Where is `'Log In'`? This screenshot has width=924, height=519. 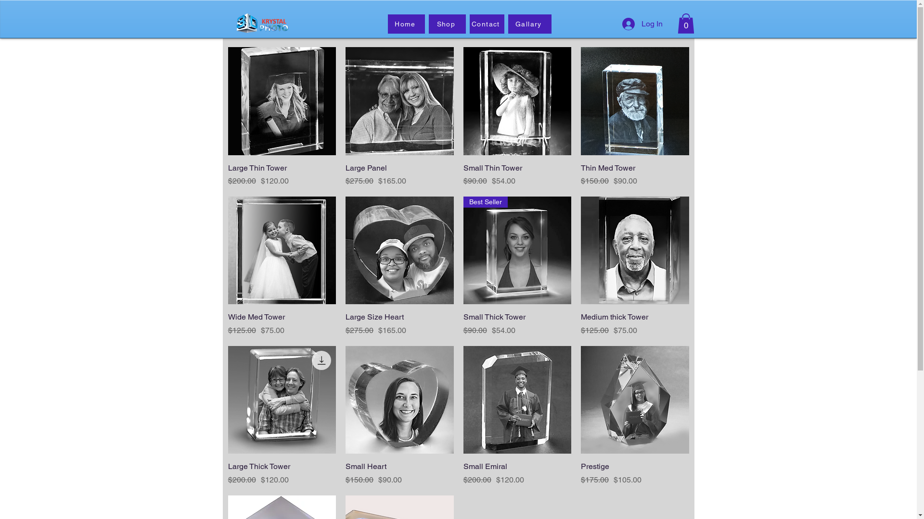
'Log In' is located at coordinates (642, 24).